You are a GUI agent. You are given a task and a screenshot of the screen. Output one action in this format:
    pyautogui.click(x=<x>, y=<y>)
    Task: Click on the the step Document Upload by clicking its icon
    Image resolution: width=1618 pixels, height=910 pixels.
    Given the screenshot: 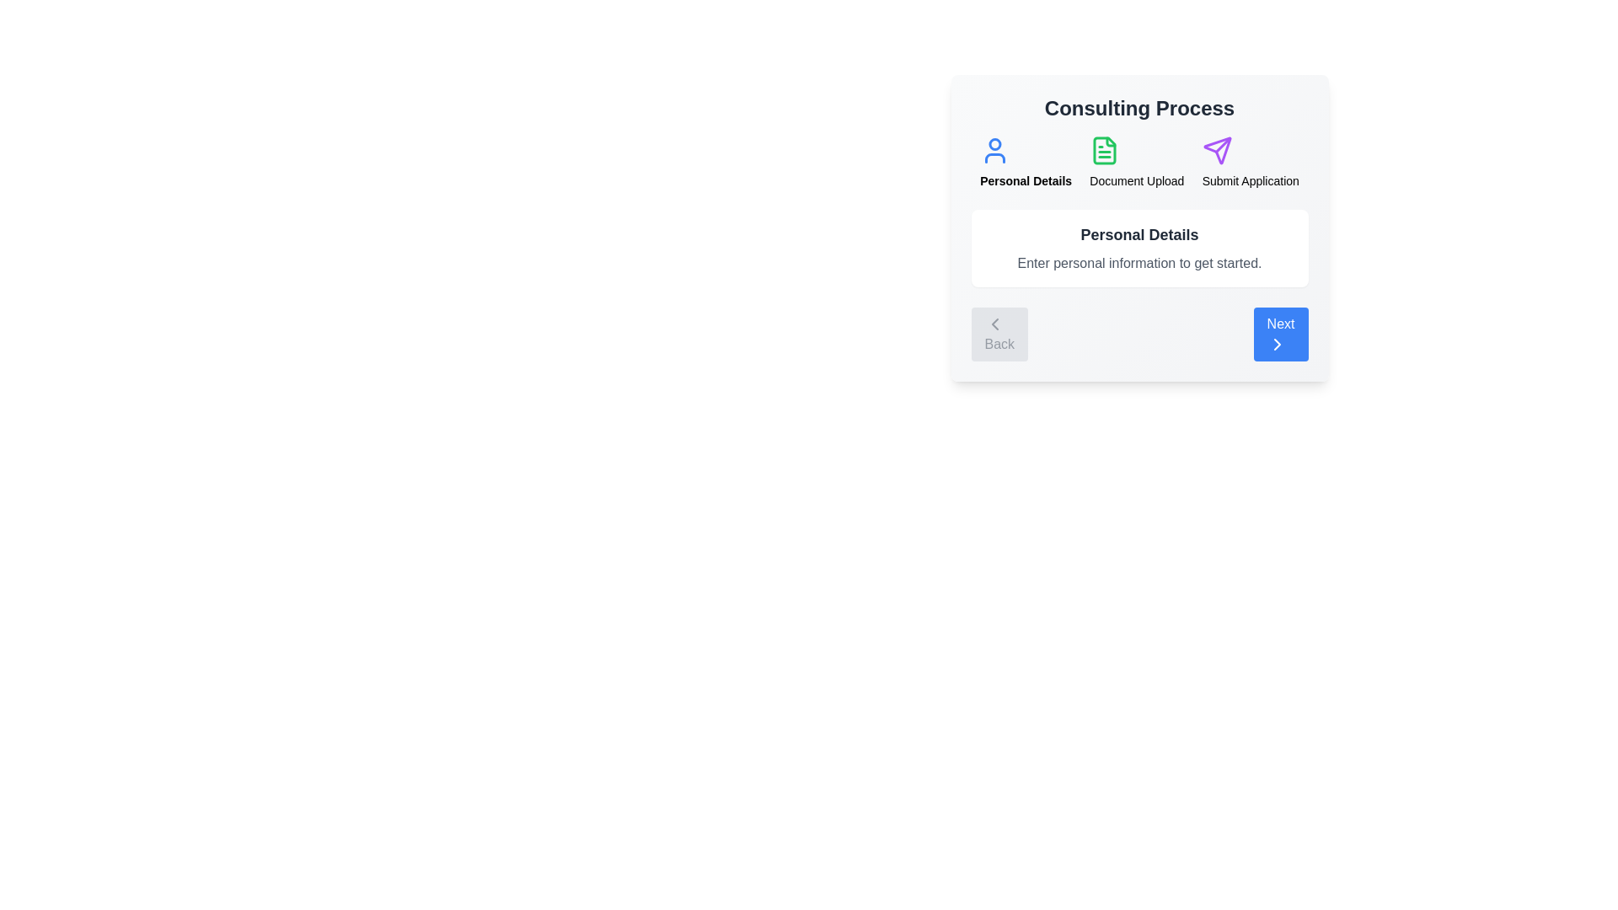 What is the action you would take?
    pyautogui.click(x=1105, y=149)
    